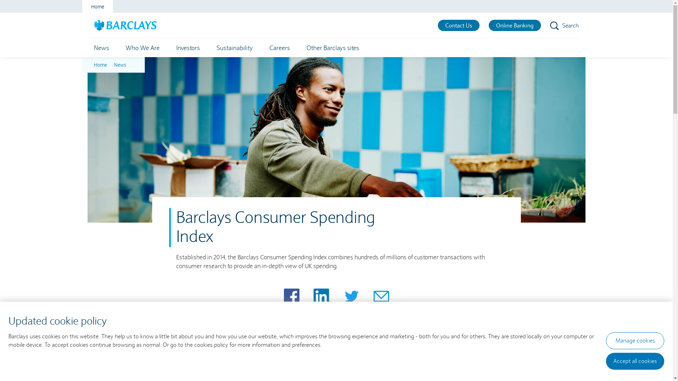 This screenshot has width=678, height=381. Describe the element at coordinates (234, 48) in the screenshot. I see `'Sustainability'` at that location.